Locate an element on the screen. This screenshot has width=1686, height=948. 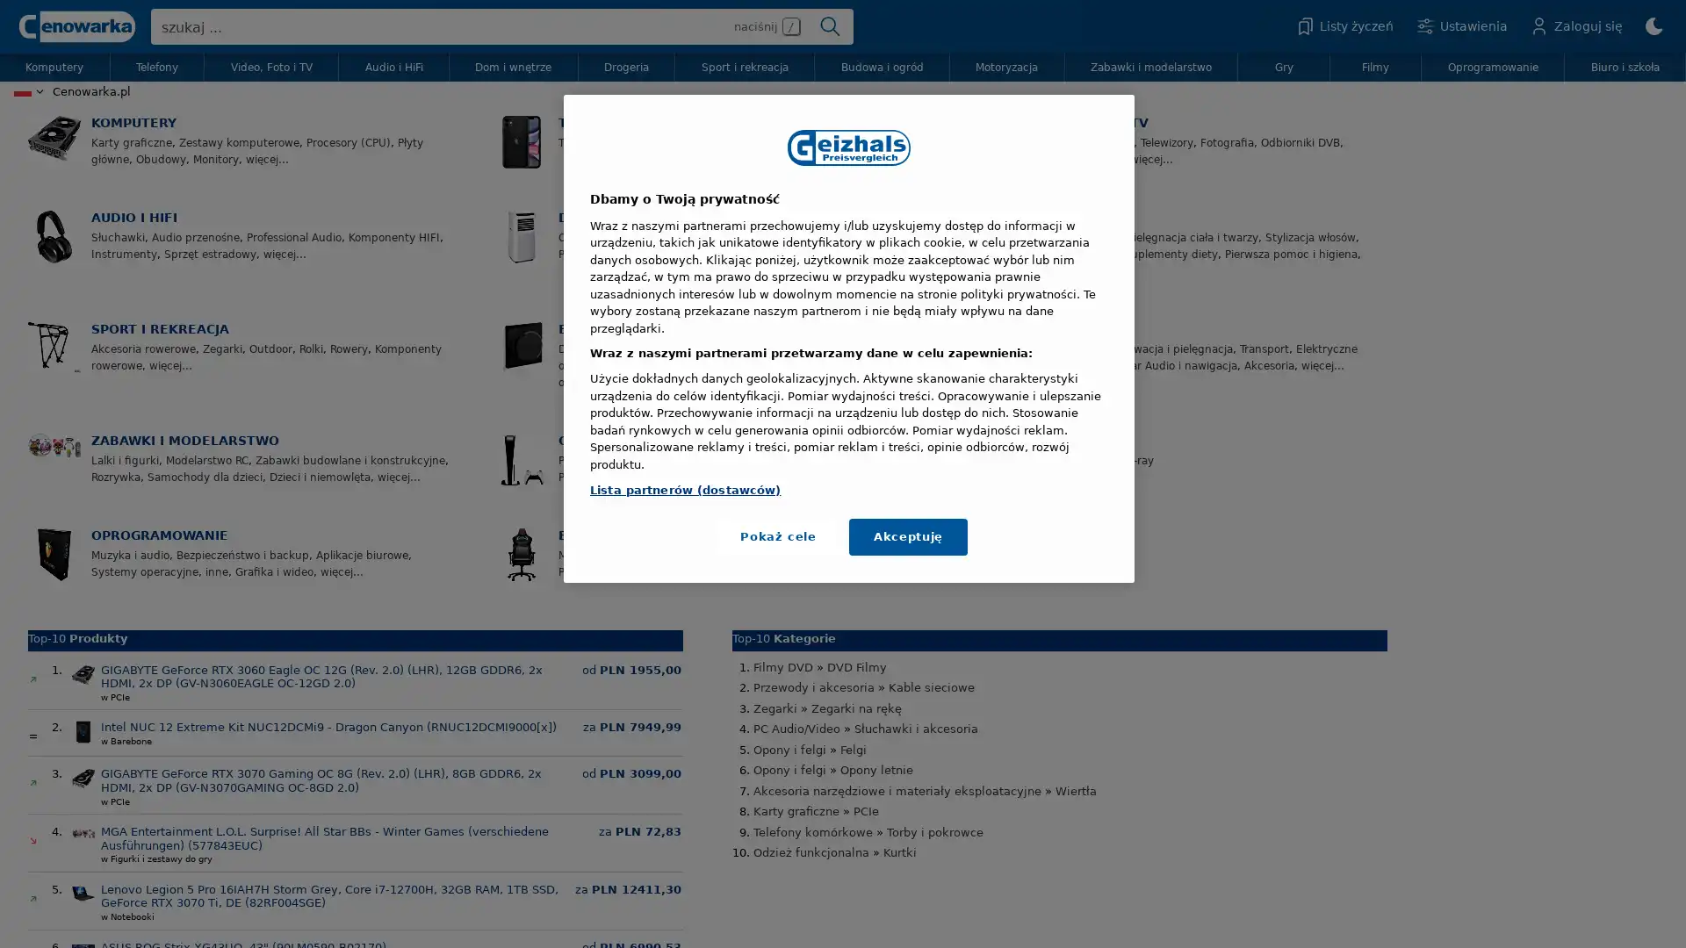
Lista partnerow (dostawcow) is located at coordinates (684, 490).